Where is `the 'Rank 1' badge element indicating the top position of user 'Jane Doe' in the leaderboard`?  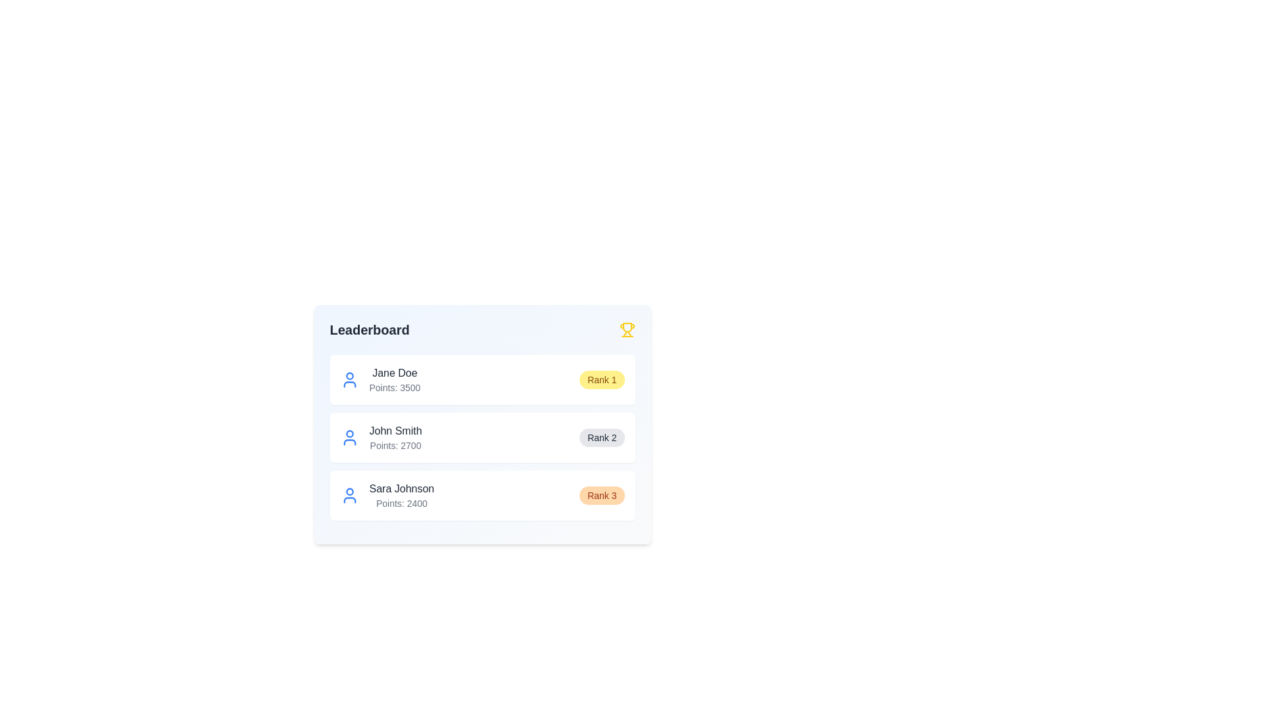 the 'Rank 1' badge element indicating the top position of user 'Jane Doe' in the leaderboard is located at coordinates (601, 380).